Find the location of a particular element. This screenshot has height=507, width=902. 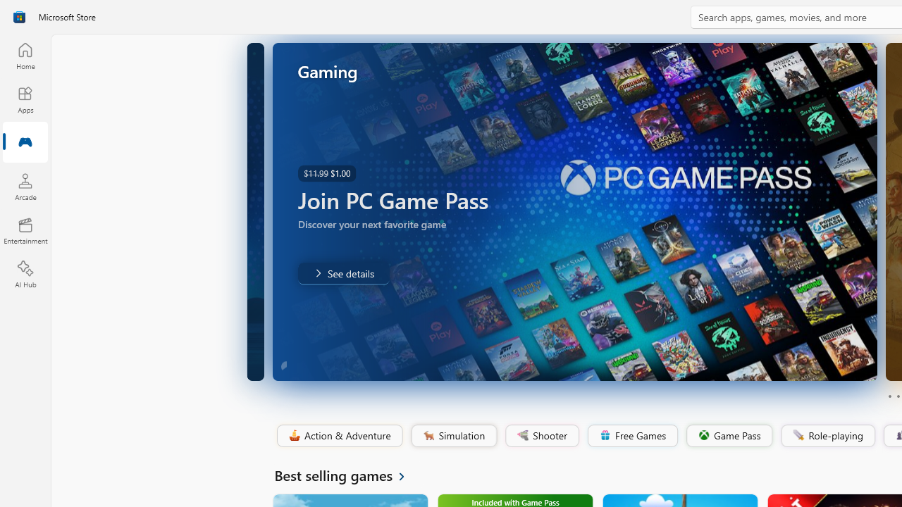

'AutomationID: Image' is located at coordinates (574, 211).